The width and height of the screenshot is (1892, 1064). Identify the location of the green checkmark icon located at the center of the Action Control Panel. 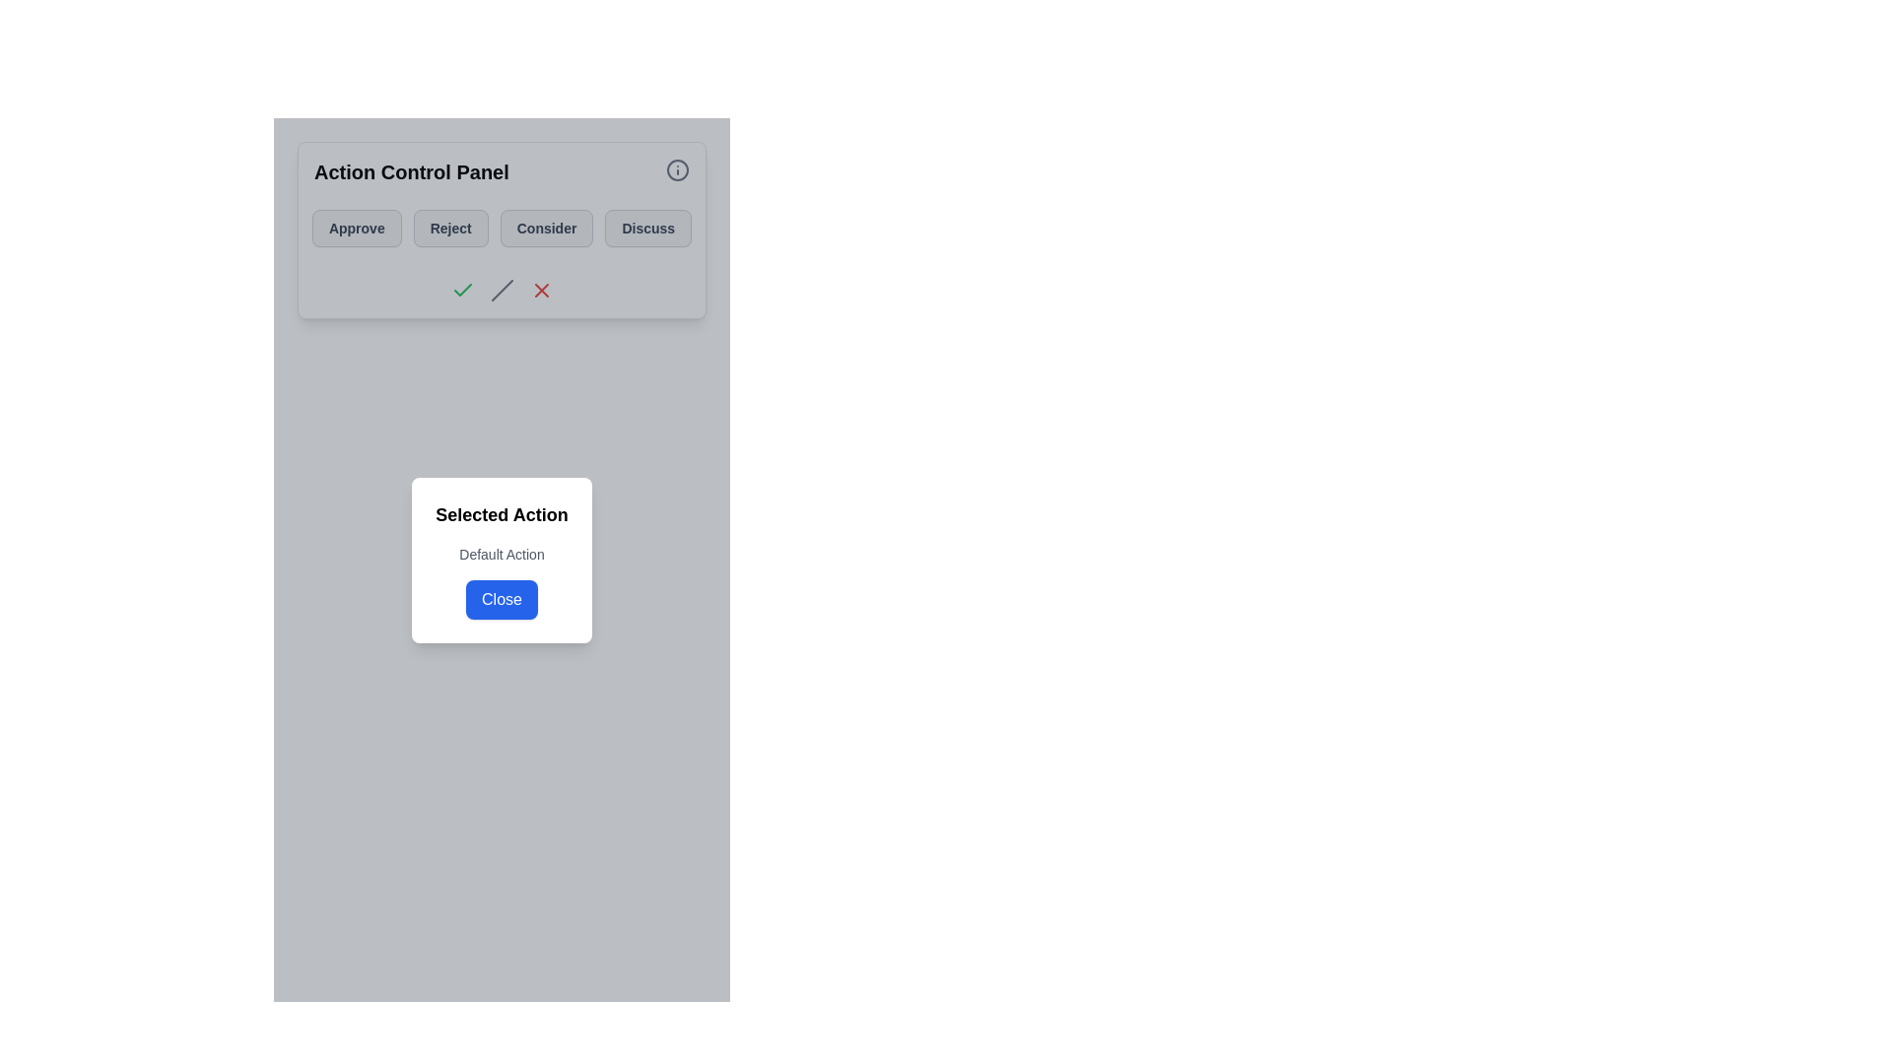
(461, 290).